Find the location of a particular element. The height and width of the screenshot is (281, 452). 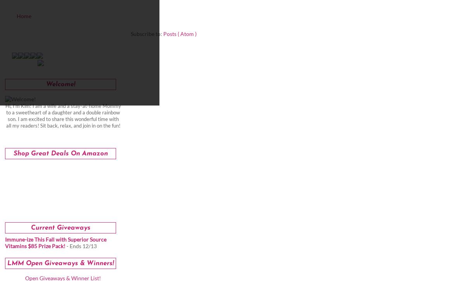

'Hi, I'm Kim! I am a wife and a stay-at-home Mommy to a sweetheart of a daughter and a double rainbow son. I am excited to share this wonderful time with all my readers! Sit back, relax, and join in on the fun!' is located at coordinates (63, 116).